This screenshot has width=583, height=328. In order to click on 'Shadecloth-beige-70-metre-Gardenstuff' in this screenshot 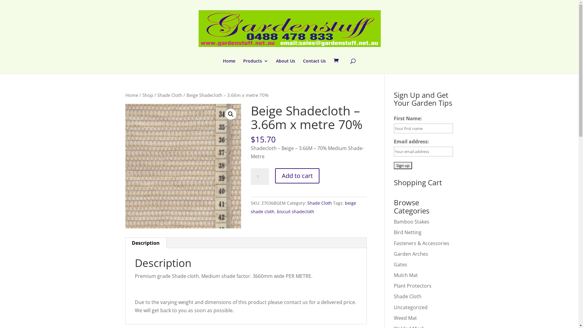, I will do `click(183, 166)`.